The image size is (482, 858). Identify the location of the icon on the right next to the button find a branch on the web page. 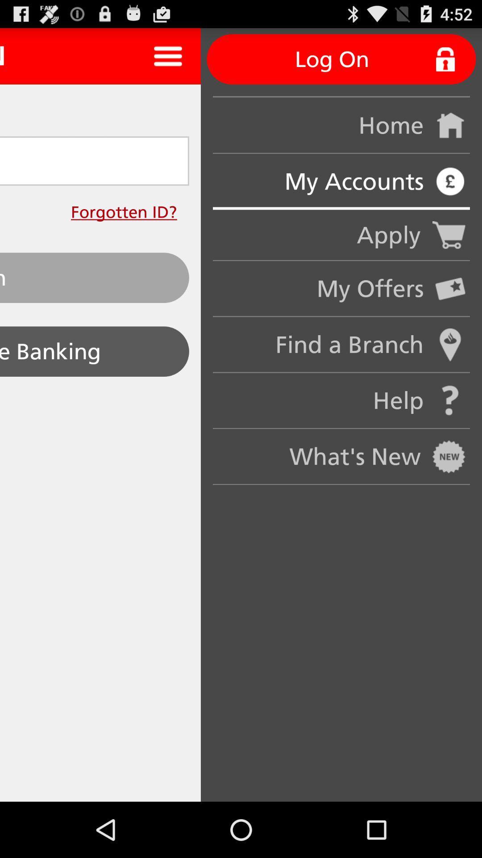
(450, 345).